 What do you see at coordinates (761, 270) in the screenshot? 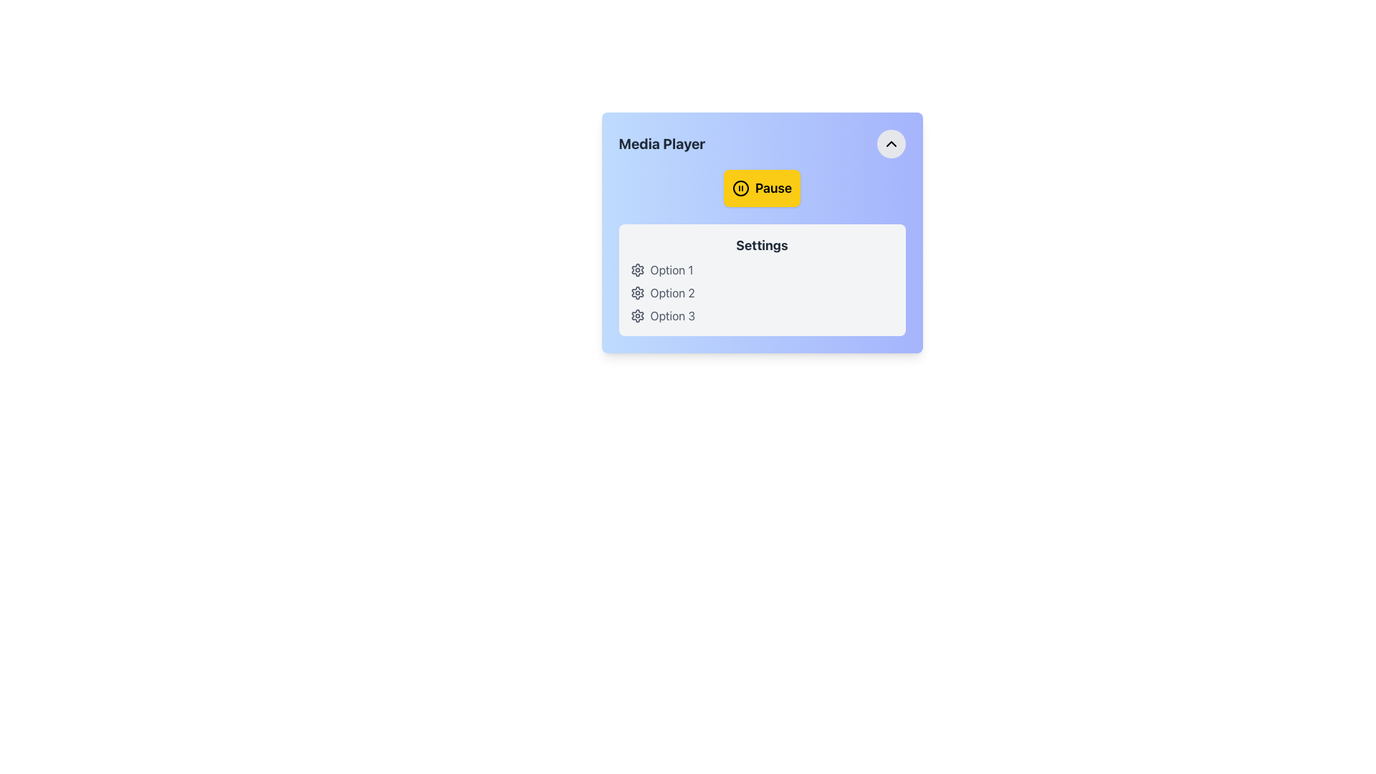
I see `the first selectable option in the 'Settings' menu` at bounding box center [761, 270].